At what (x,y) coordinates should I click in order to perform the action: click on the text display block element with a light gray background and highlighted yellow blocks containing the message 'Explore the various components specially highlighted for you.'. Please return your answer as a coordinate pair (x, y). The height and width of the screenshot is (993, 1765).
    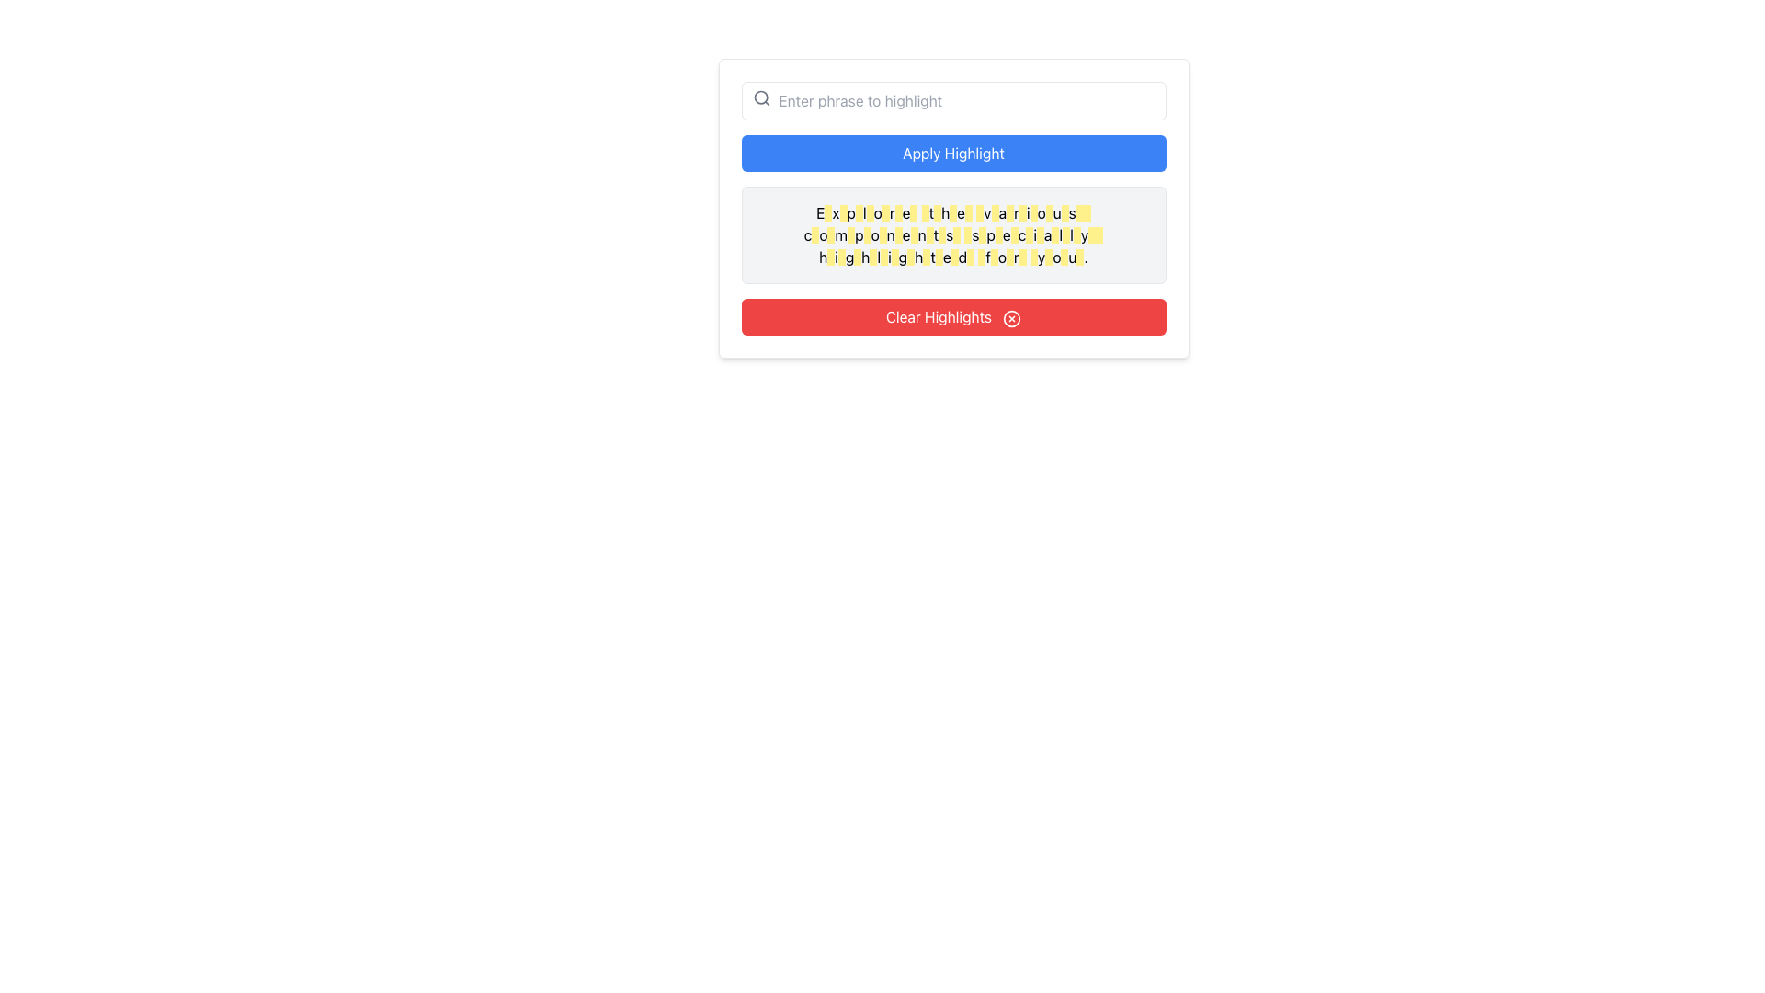
    Looking at the image, I should click on (953, 234).